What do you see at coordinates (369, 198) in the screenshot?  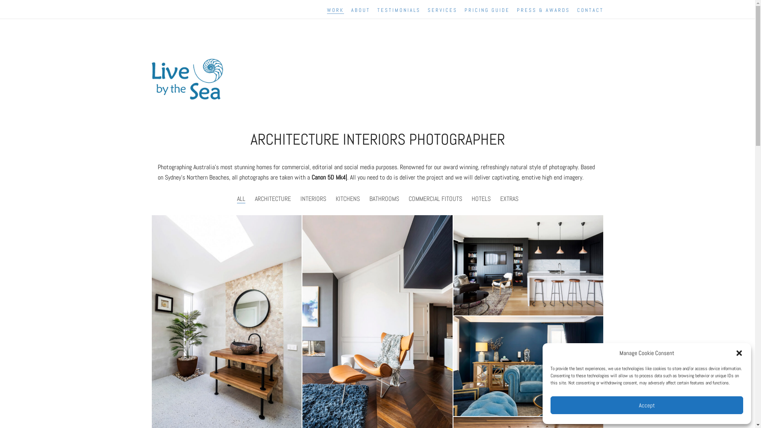 I see `'BATHROOMS'` at bounding box center [369, 198].